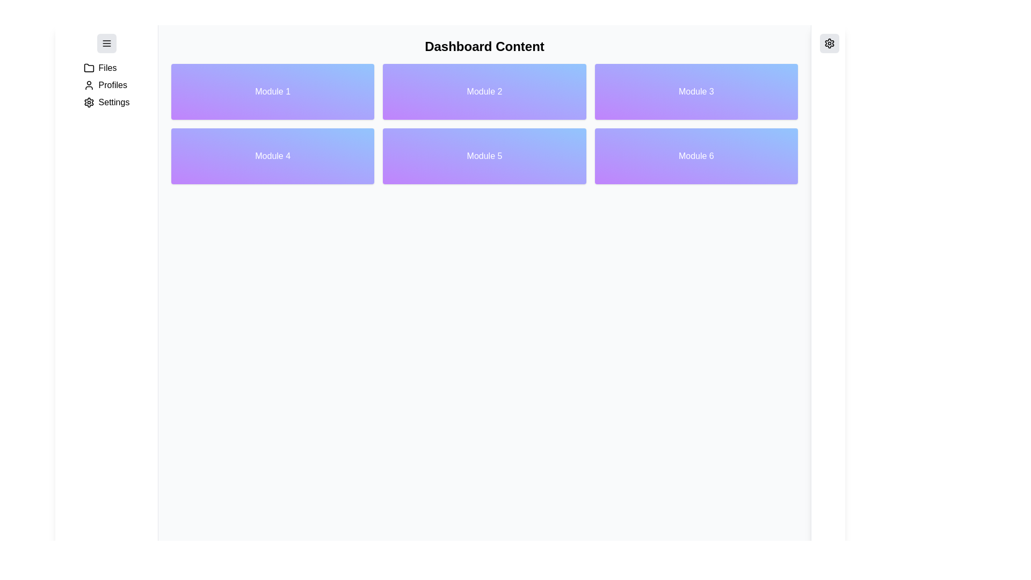  What do you see at coordinates (114, 103) in the screenshot?
I see `the fourth text label in the sidebar menu` at bounding box center [114, 103].